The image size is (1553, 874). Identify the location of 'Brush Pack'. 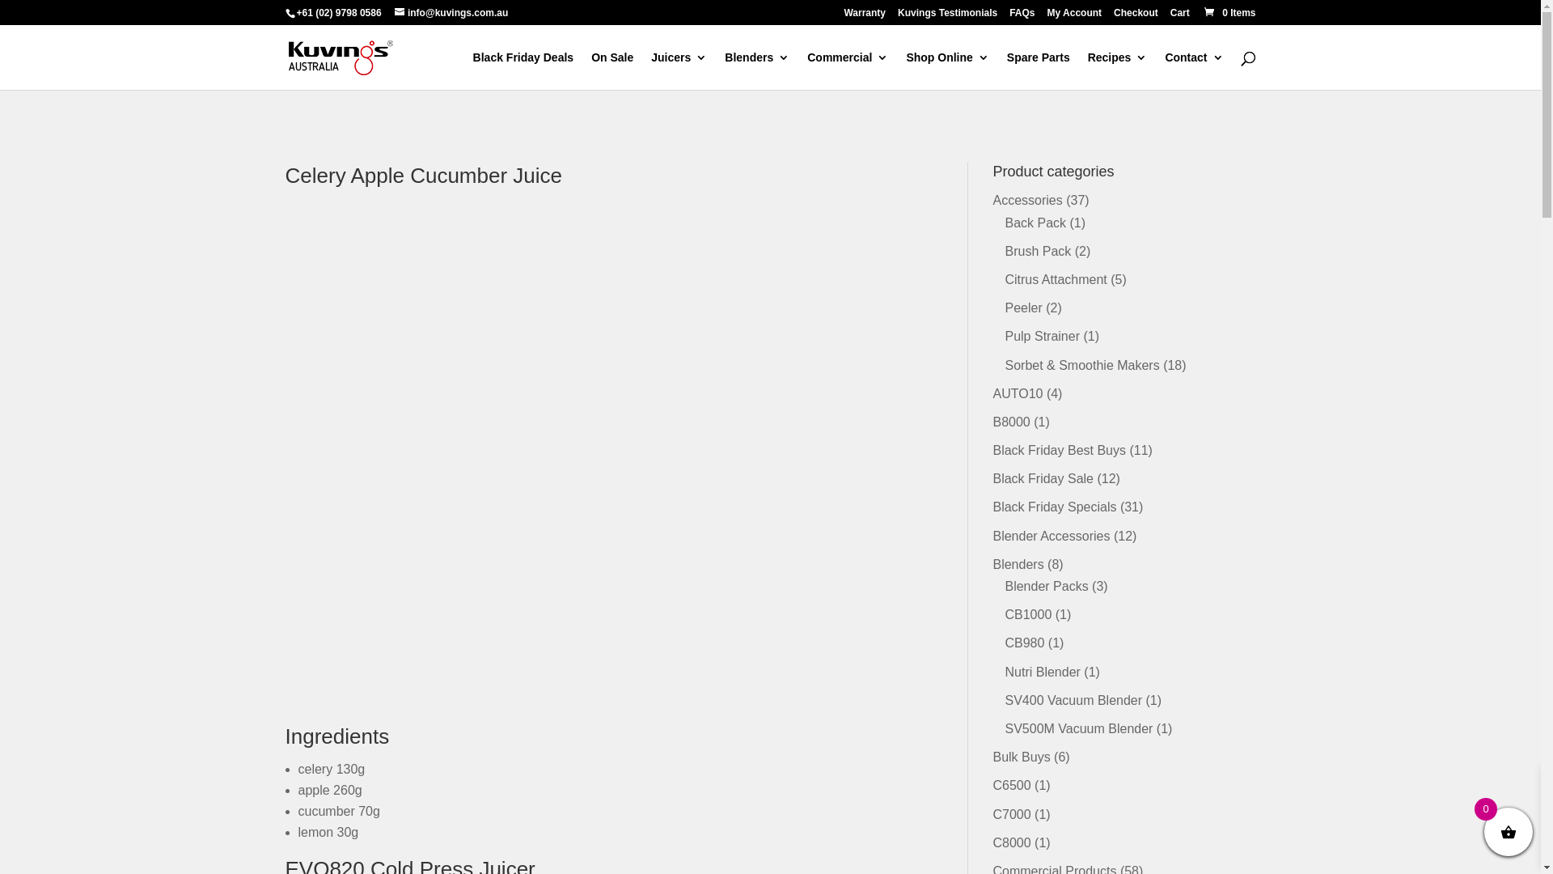
(1004, 251).